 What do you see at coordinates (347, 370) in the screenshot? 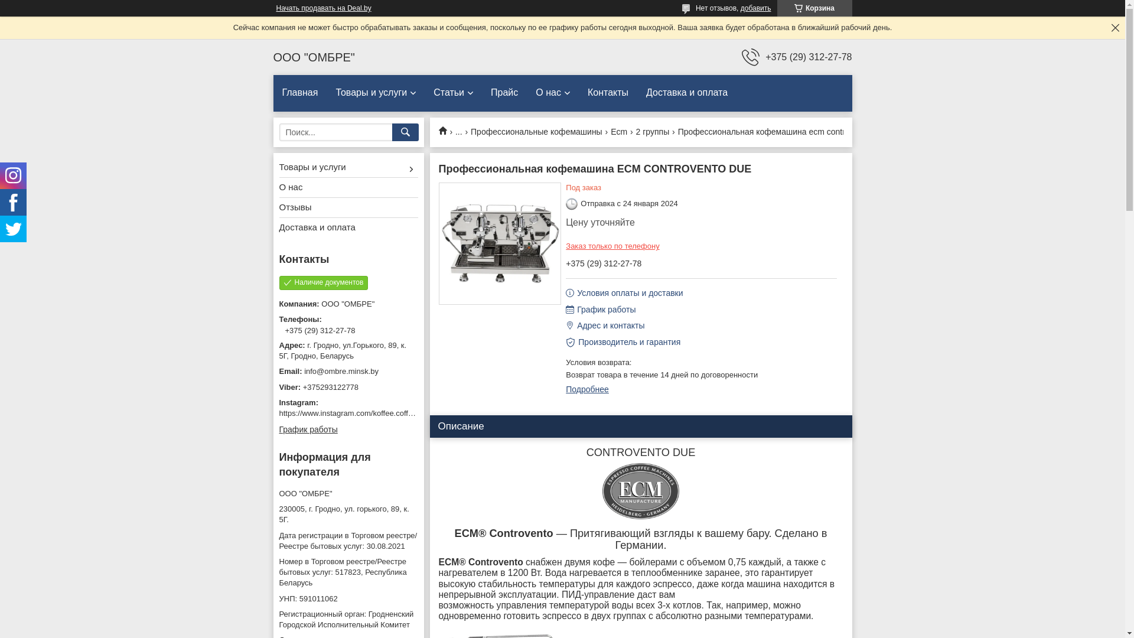
I see `'info@ombre.minsk.by'` at bounding box center [347, 370].